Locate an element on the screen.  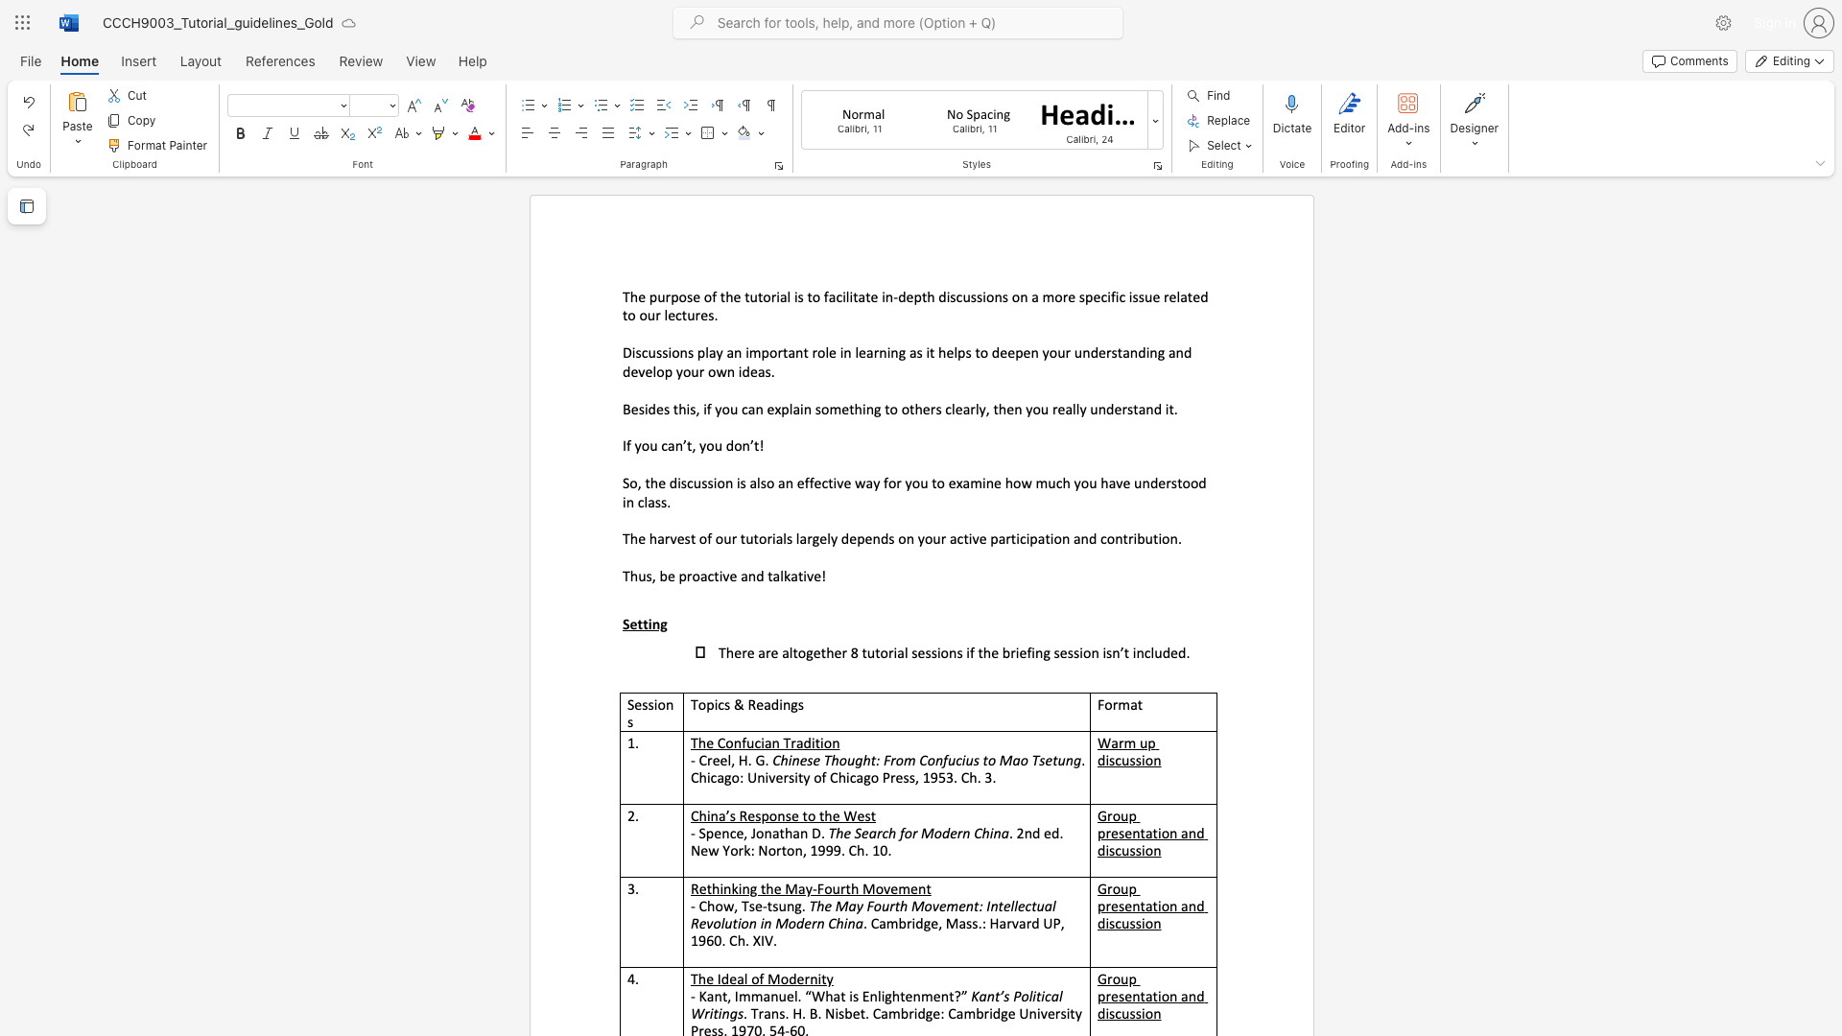
the subset text "tsu" within the text "- Chow, Tse-tsung." is located at coordinates (766, 906).